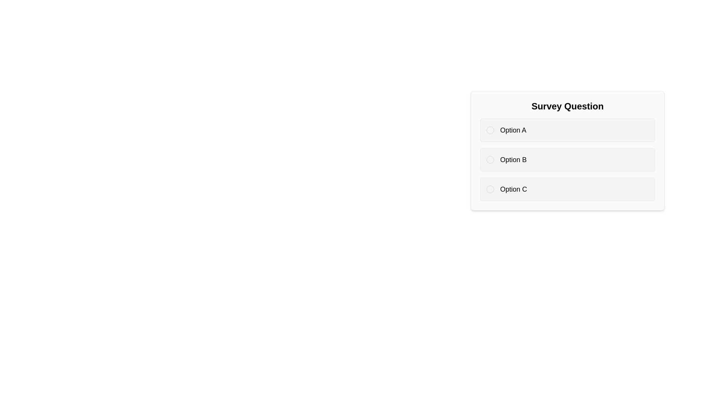 The image size is (727, 409). What do you see at coordinates (567, 189) in the screenshot?
I see `the radio button option for 'Option C' located under the 'Survey Question' section` at bounding box center [567, 189].